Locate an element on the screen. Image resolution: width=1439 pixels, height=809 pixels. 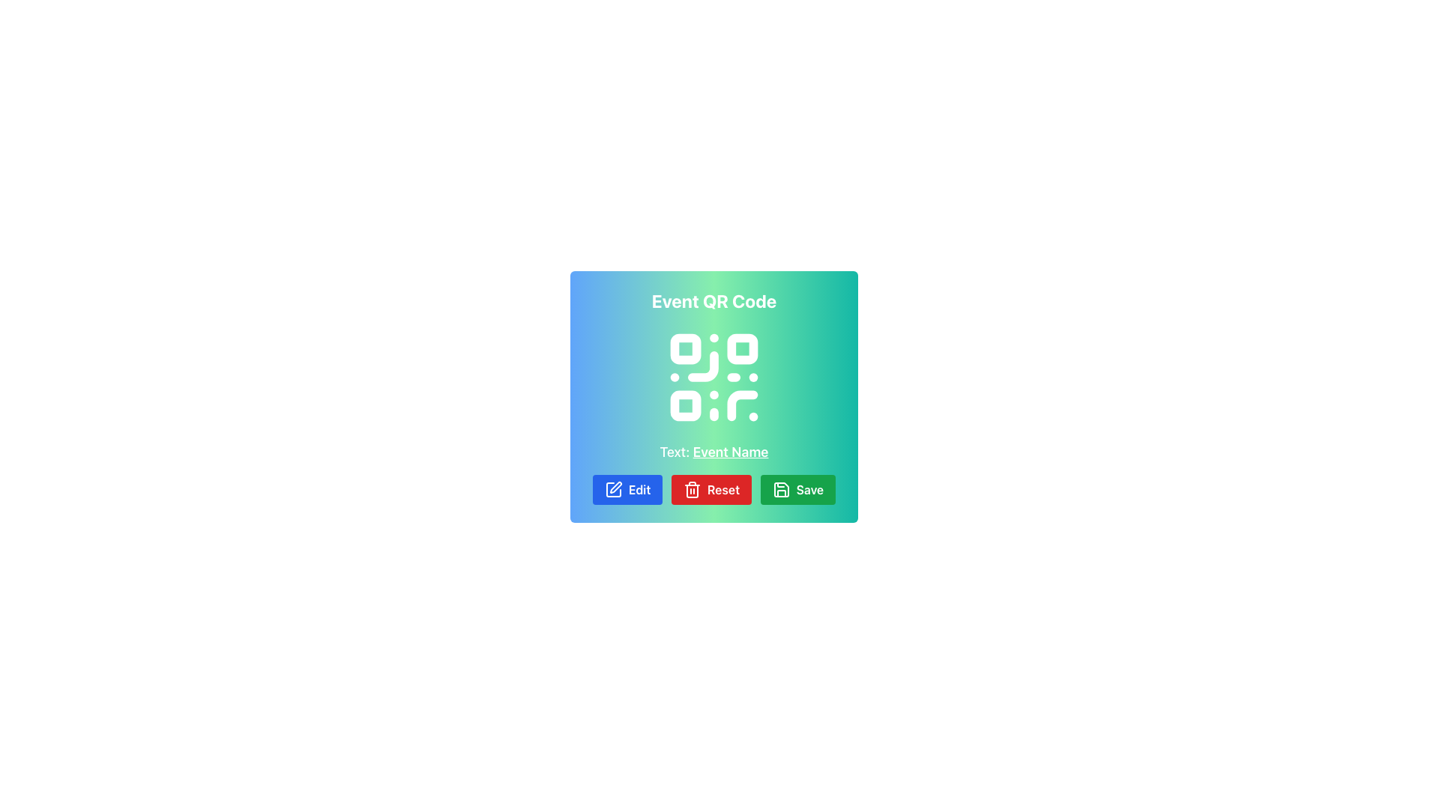
the text snippet displaying 'Text: Event Name' which is centered within a gradient blue-to-teal background, positioned above the buttons and below the QR code is located at coordinates (714, 452).